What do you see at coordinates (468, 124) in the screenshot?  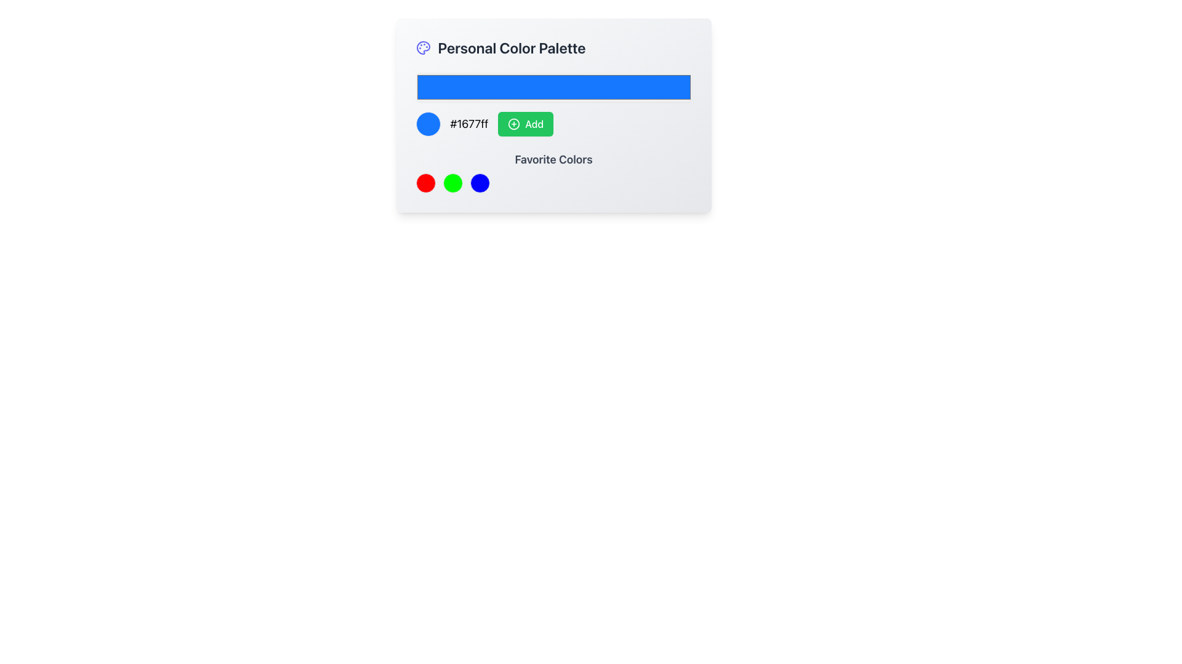 I see `the static text display showing the color code '#1677ff' which is located between a blue color circle and an 'Add' button` at bounding box center [468, 124].